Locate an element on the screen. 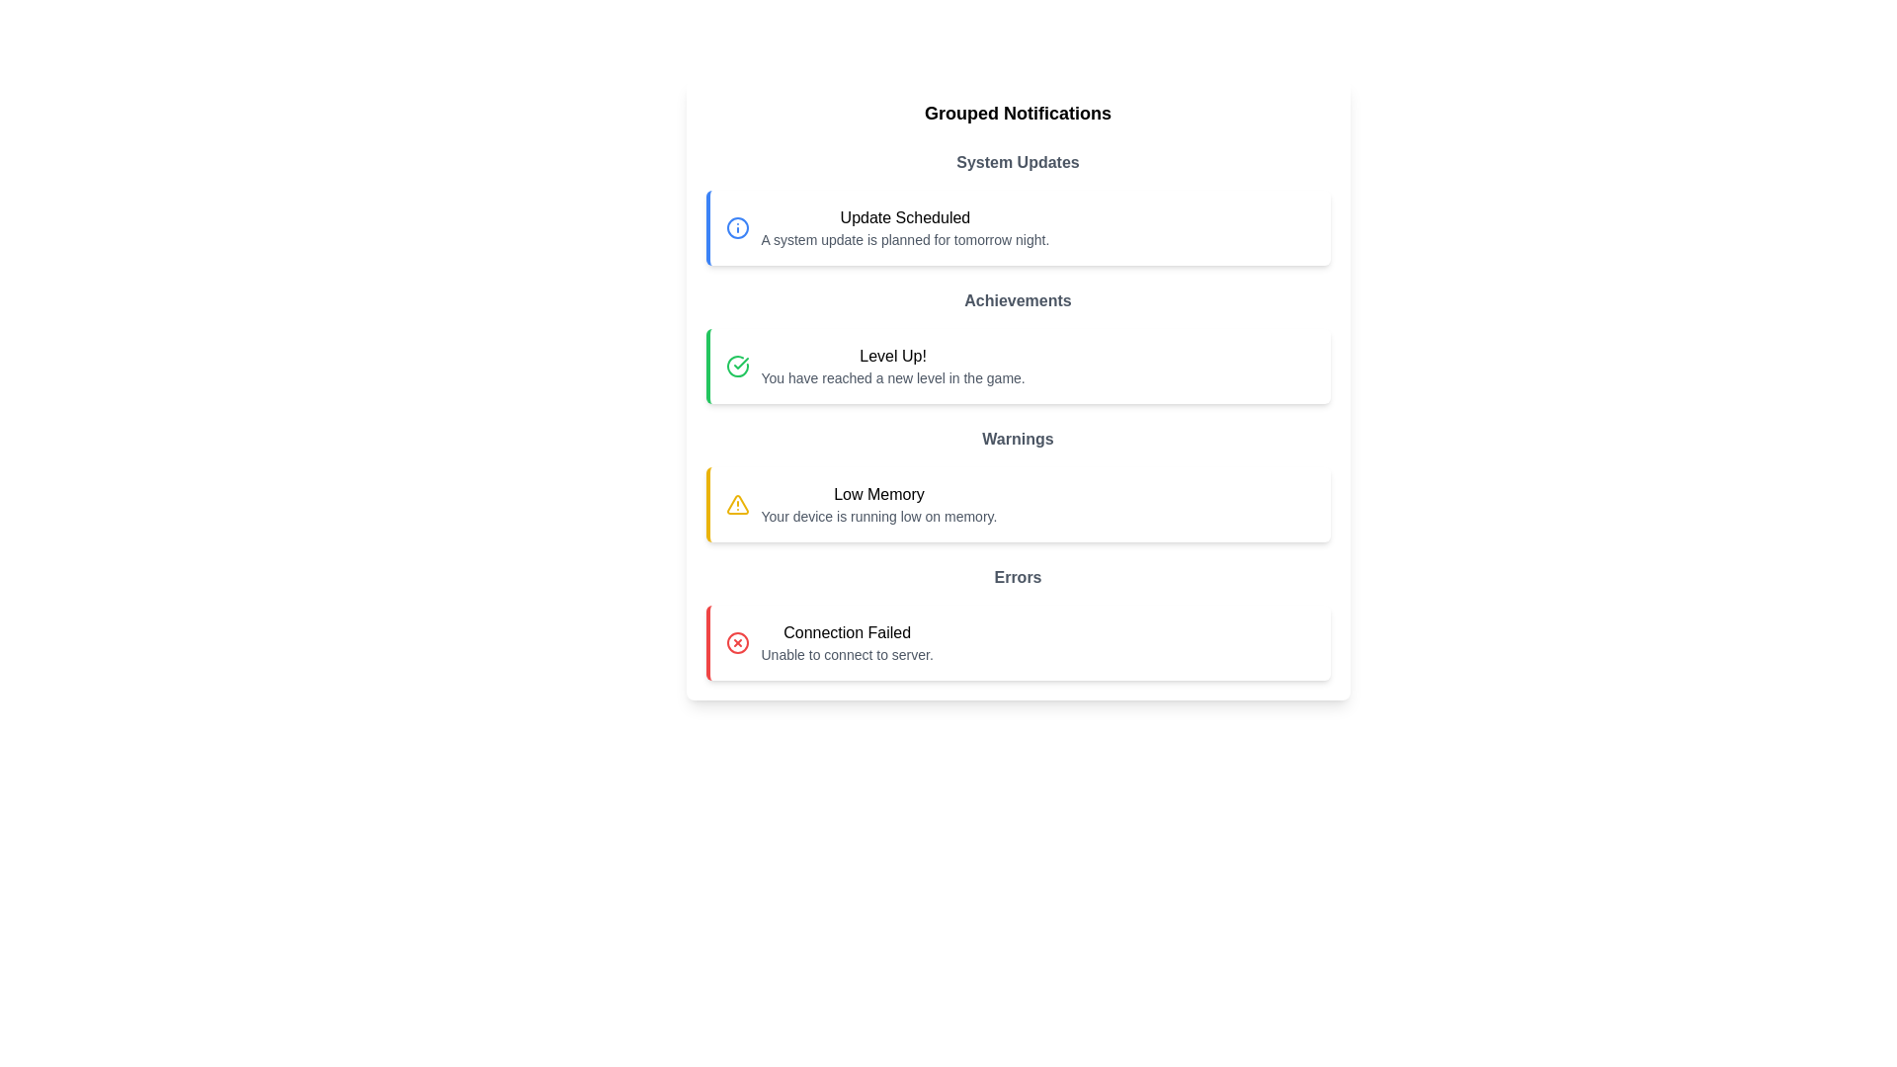  the 'Warnings' text label, which is a medium-sized, bold, gray font element located in the 'Grouped Notifications' interface, between the 'Achievements' section and the detailed 'Warnings' notification message is located at coordinates (1018, 438).